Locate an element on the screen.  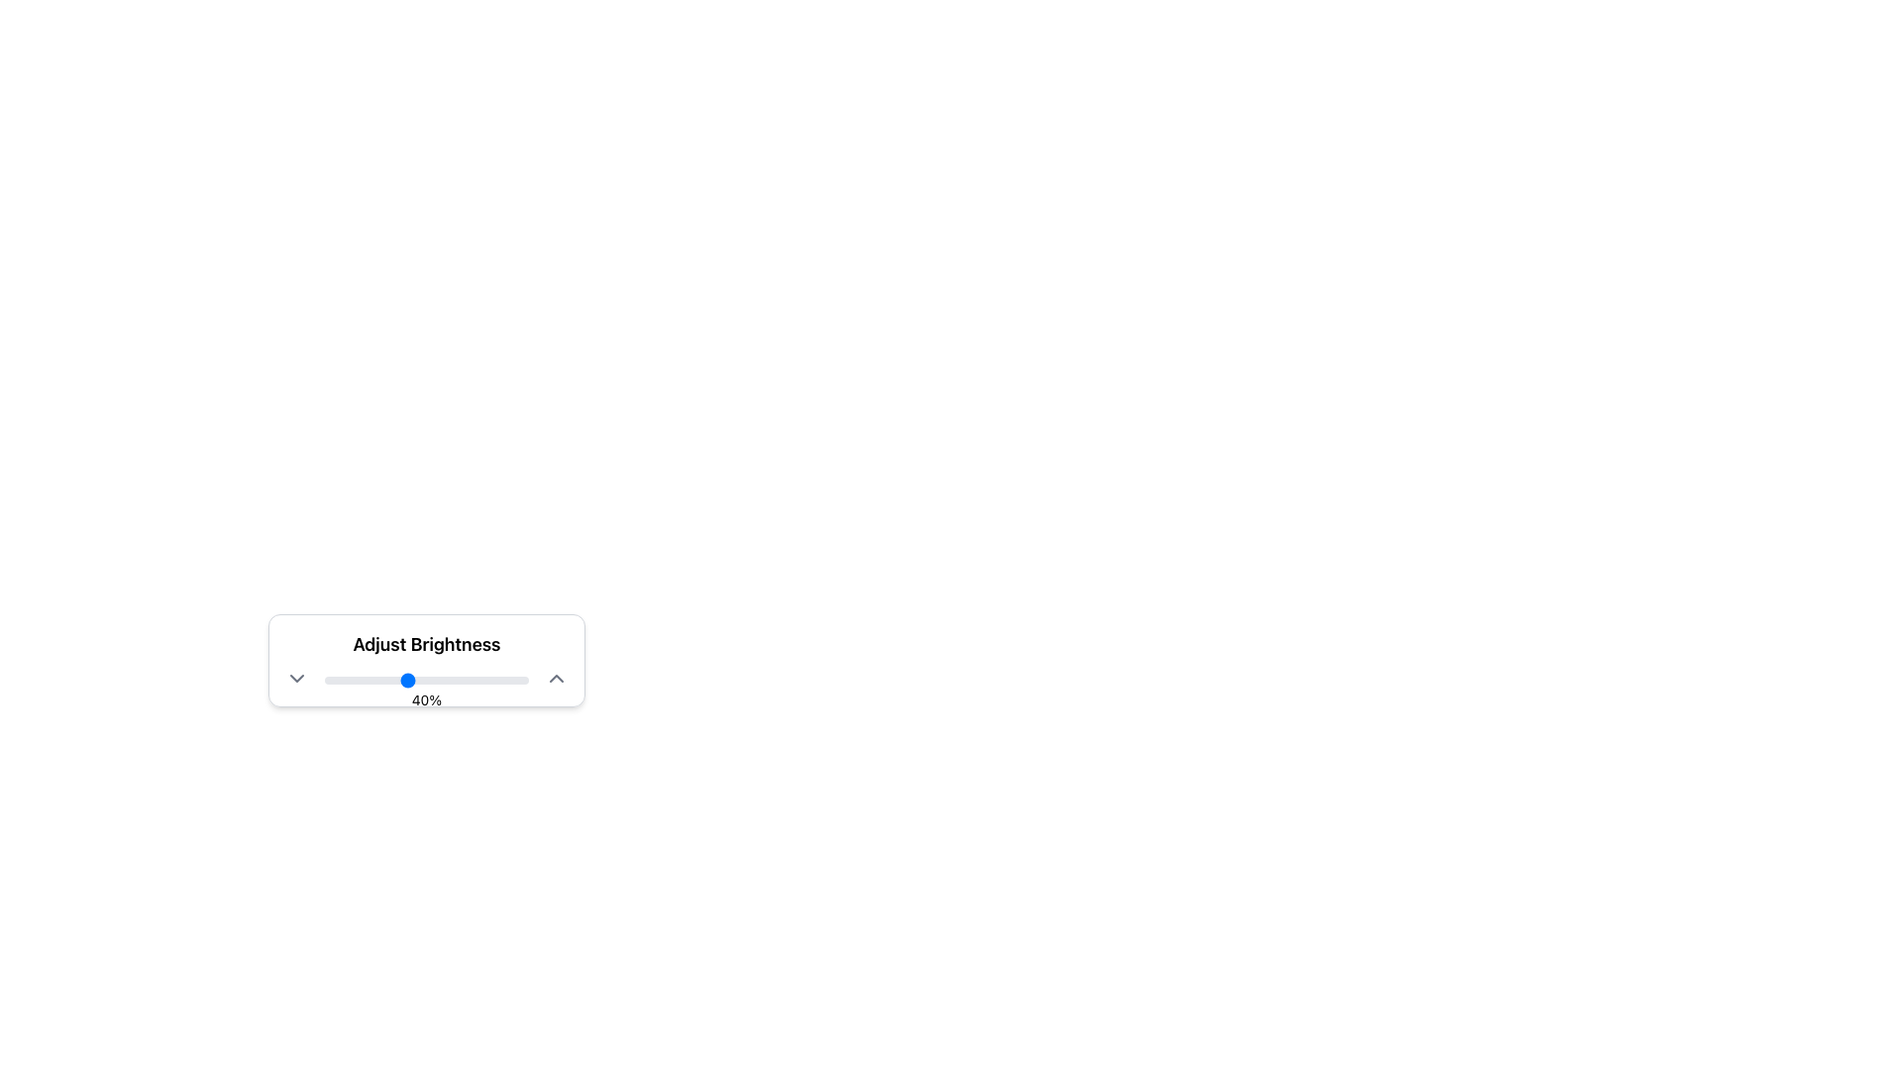
the brightness level is located at coordinates (409, 679).